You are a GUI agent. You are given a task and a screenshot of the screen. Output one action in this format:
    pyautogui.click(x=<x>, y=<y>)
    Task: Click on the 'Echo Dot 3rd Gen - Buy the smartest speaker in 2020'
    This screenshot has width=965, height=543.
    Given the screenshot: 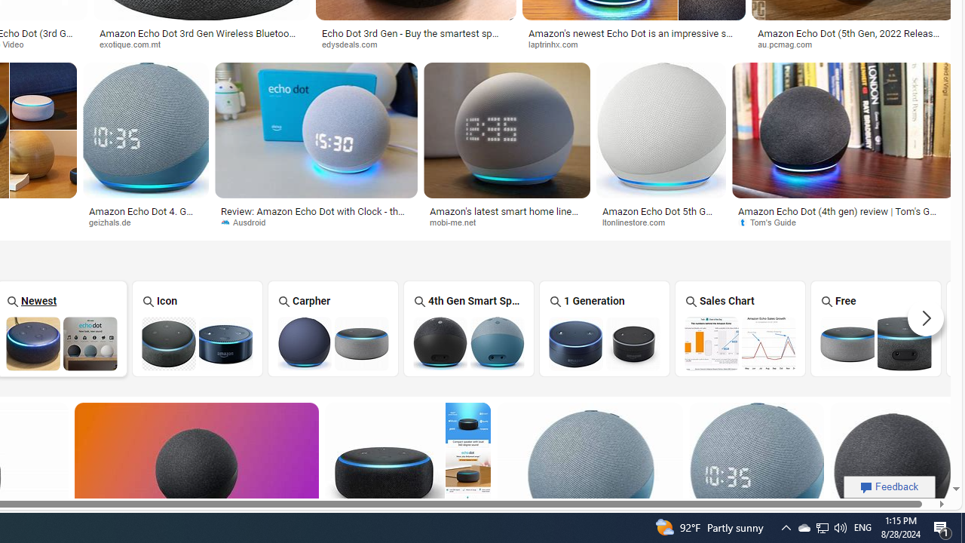 What is the action you would take?
    pyautogui.click(x=415, y=38)
    